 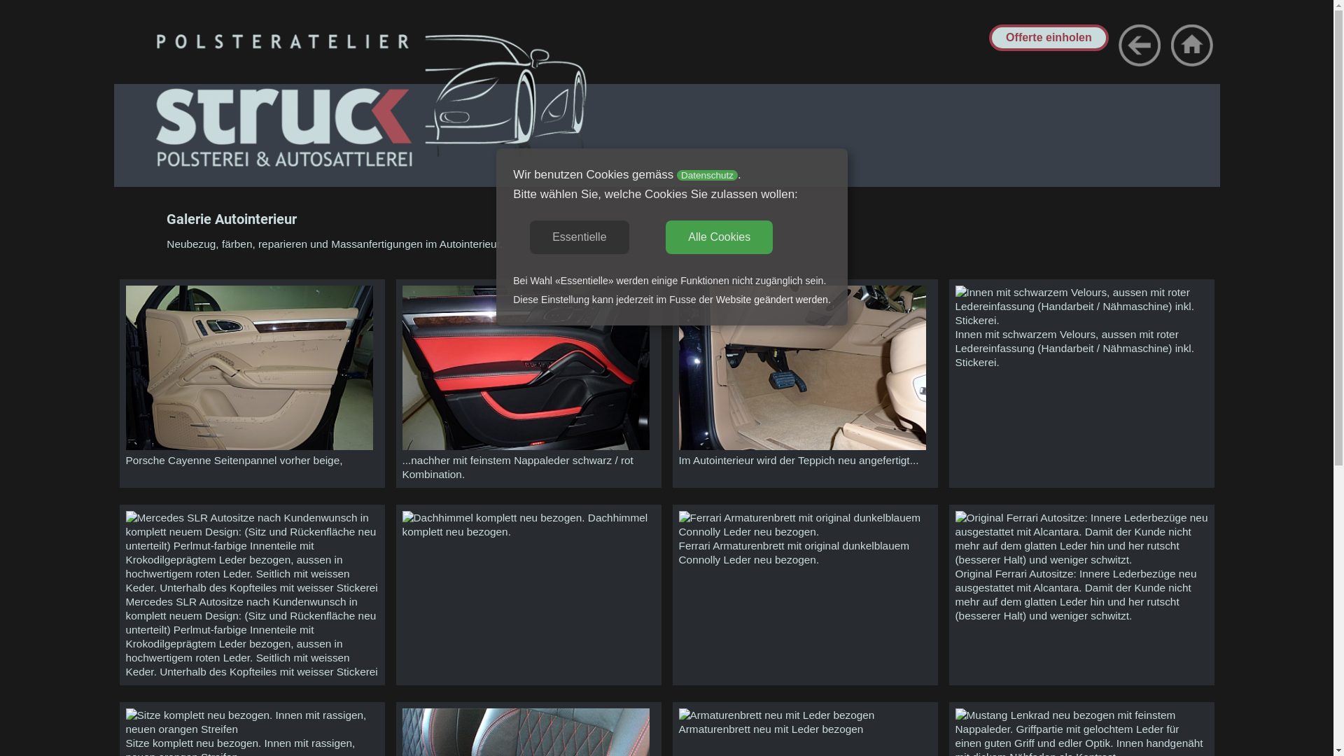 What do you see at coordinates (707, 174) in the screenshot?
I see `'Datenschutz'` at bounding box center [707, 174].